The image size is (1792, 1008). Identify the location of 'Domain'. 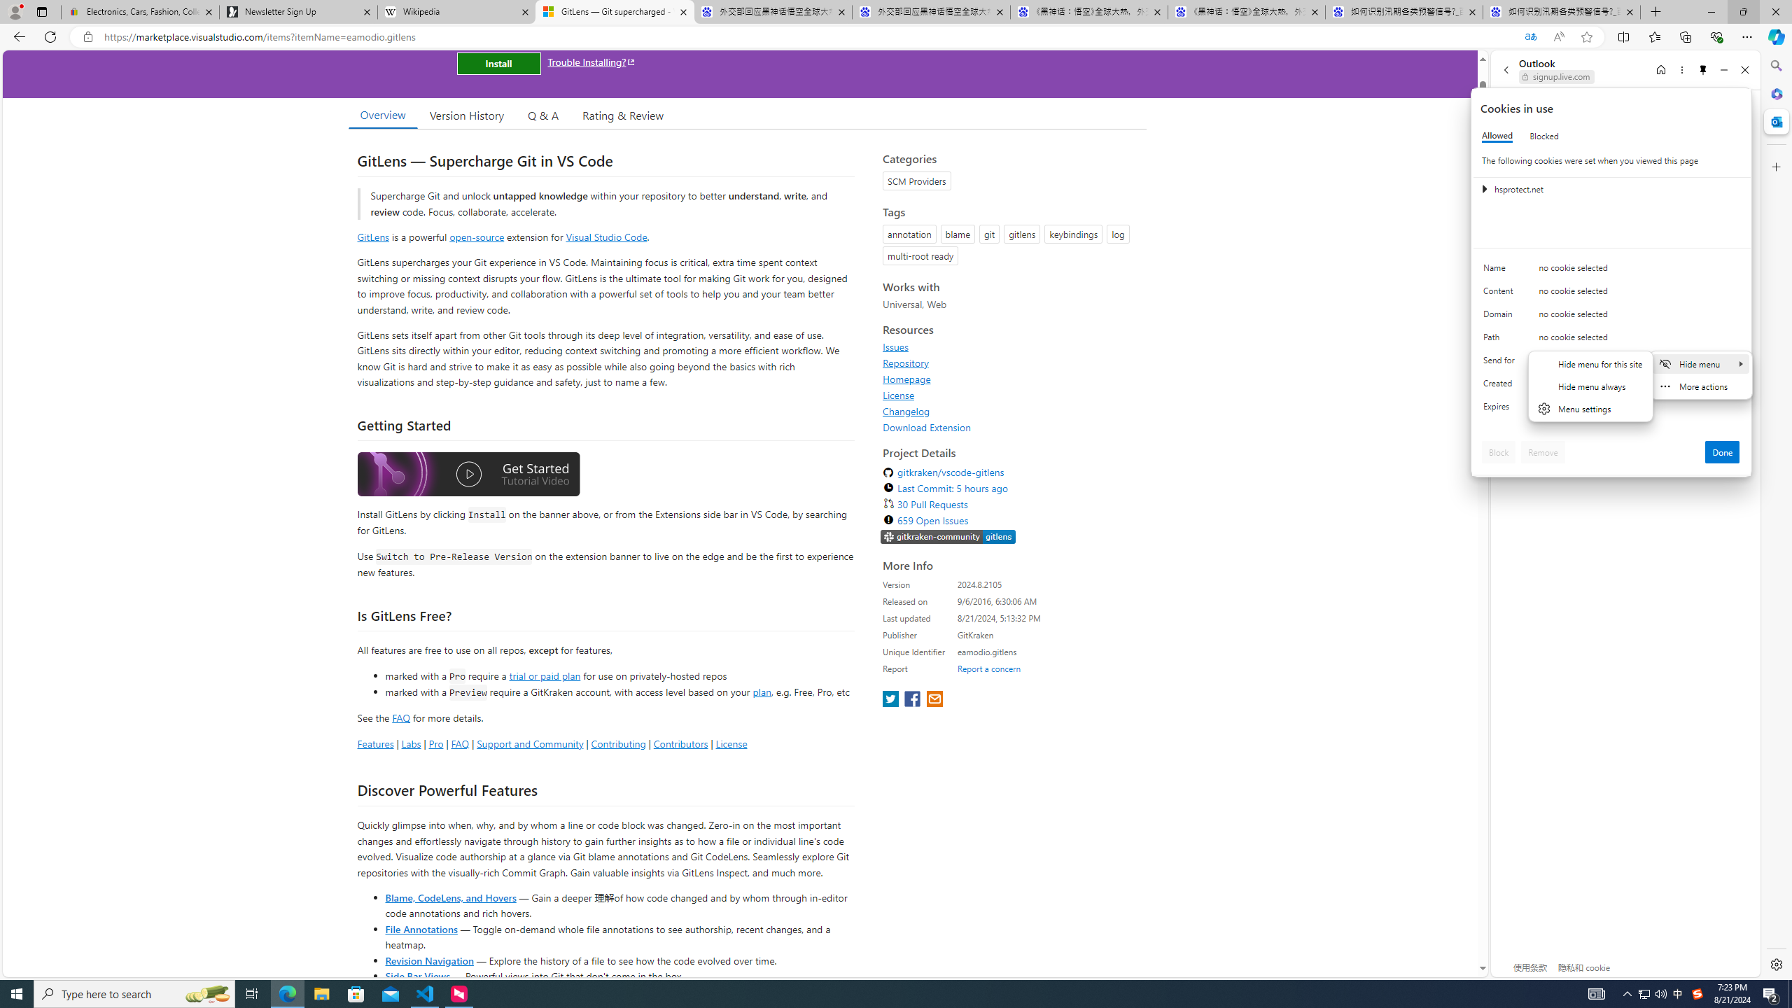
(1501, 316).